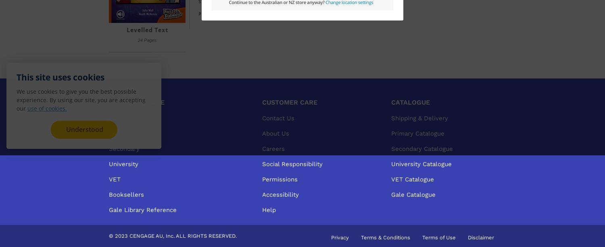  Describe the element at coordinates (419, 117) in the screenshot. I see `'Shipping & Delivery'` at that location.